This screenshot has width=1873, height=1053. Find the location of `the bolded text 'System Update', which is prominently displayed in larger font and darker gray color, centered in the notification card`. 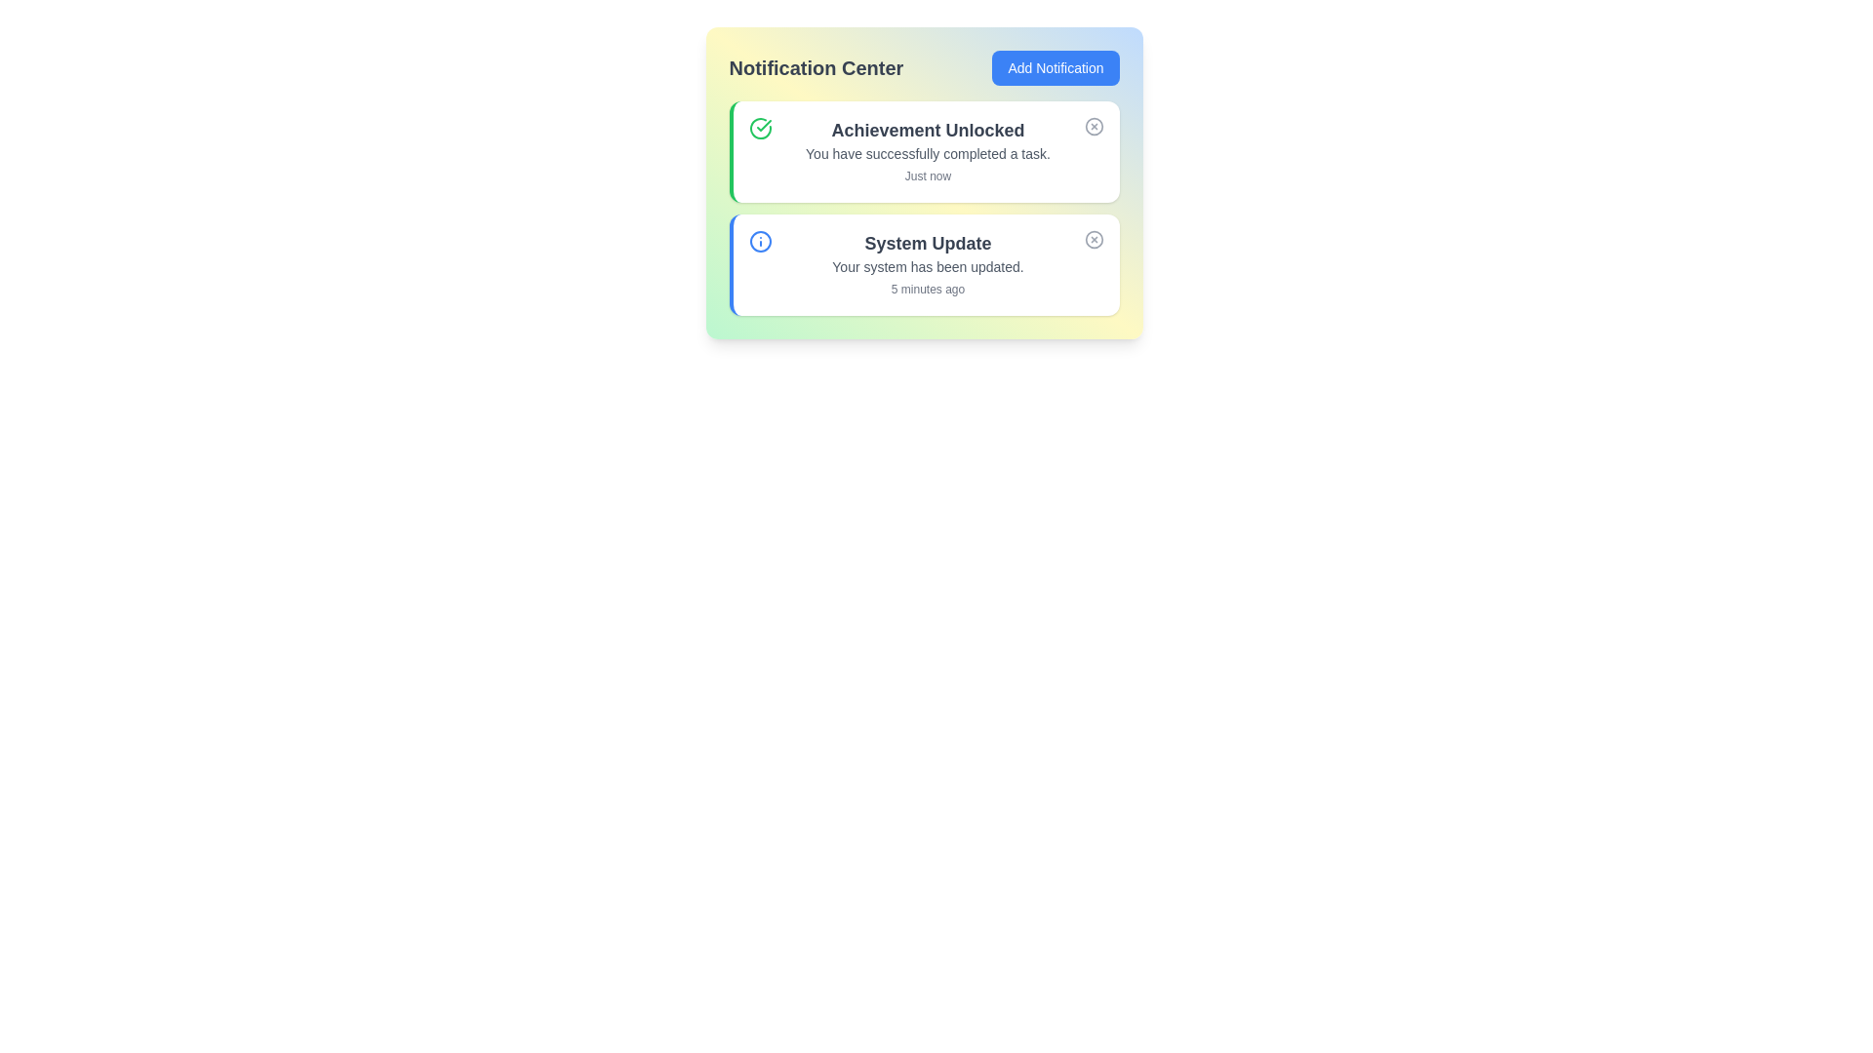

the bolded text 'System Update', which is prominently displayed in larger font and darker gray color, centered in the notification card is located at coordinates (927, 243).